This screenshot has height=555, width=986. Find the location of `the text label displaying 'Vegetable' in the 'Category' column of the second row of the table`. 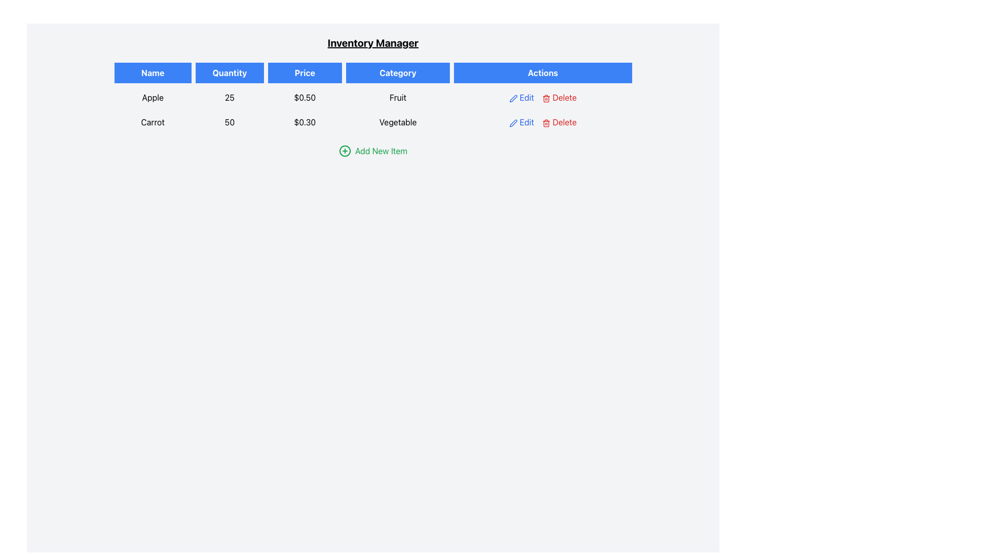

the text label displaying 'Vegetable' in the 'Category' column of the second row of the table is located at coordinates (397, 122).